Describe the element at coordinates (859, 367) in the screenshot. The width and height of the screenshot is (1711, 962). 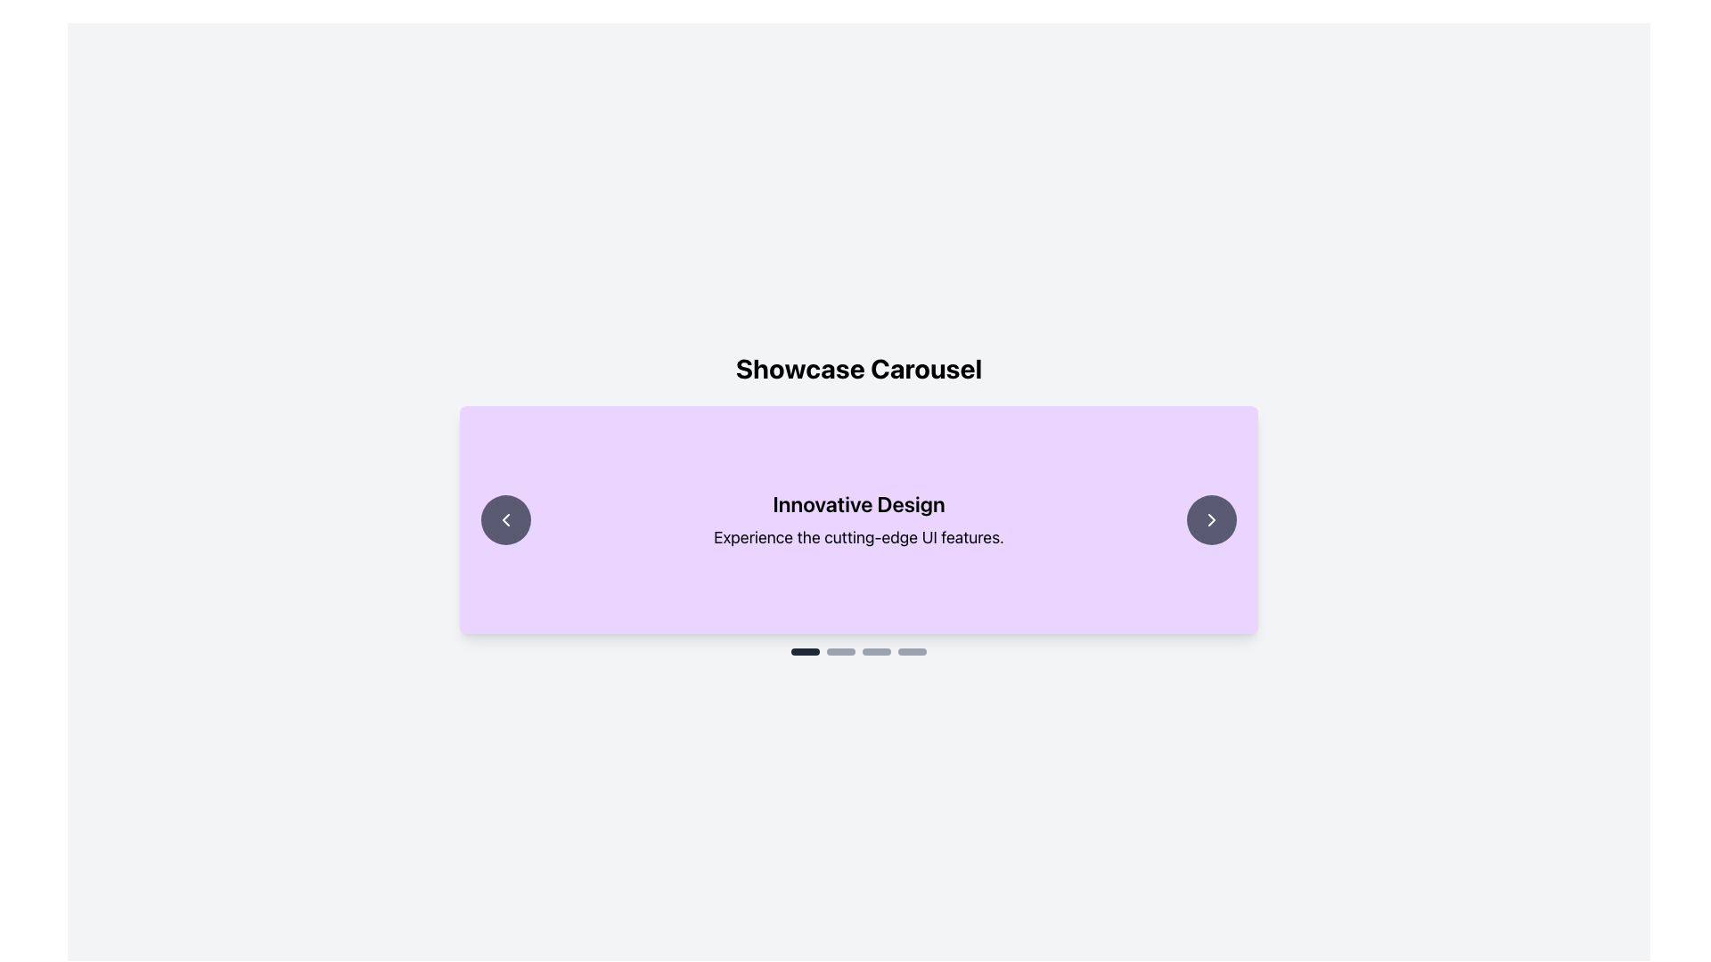
I see `the horizontally centered text element that reads 'Showcase Carousel', which is styled with a large bold font and positioned at the top of the viewport` at that location.